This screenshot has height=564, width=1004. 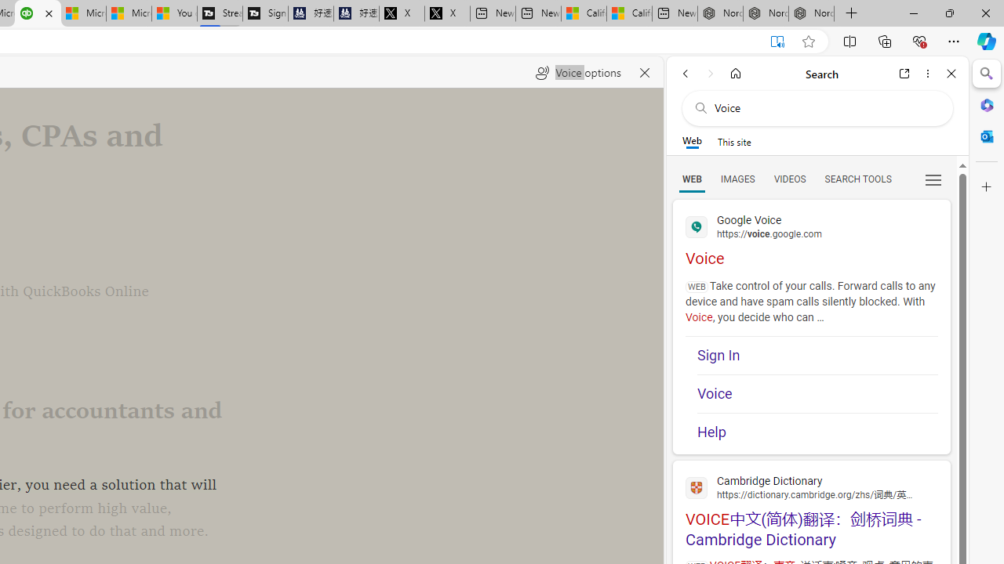 I want to click on 'Class: b_serphb', so click(x=933, y=179).